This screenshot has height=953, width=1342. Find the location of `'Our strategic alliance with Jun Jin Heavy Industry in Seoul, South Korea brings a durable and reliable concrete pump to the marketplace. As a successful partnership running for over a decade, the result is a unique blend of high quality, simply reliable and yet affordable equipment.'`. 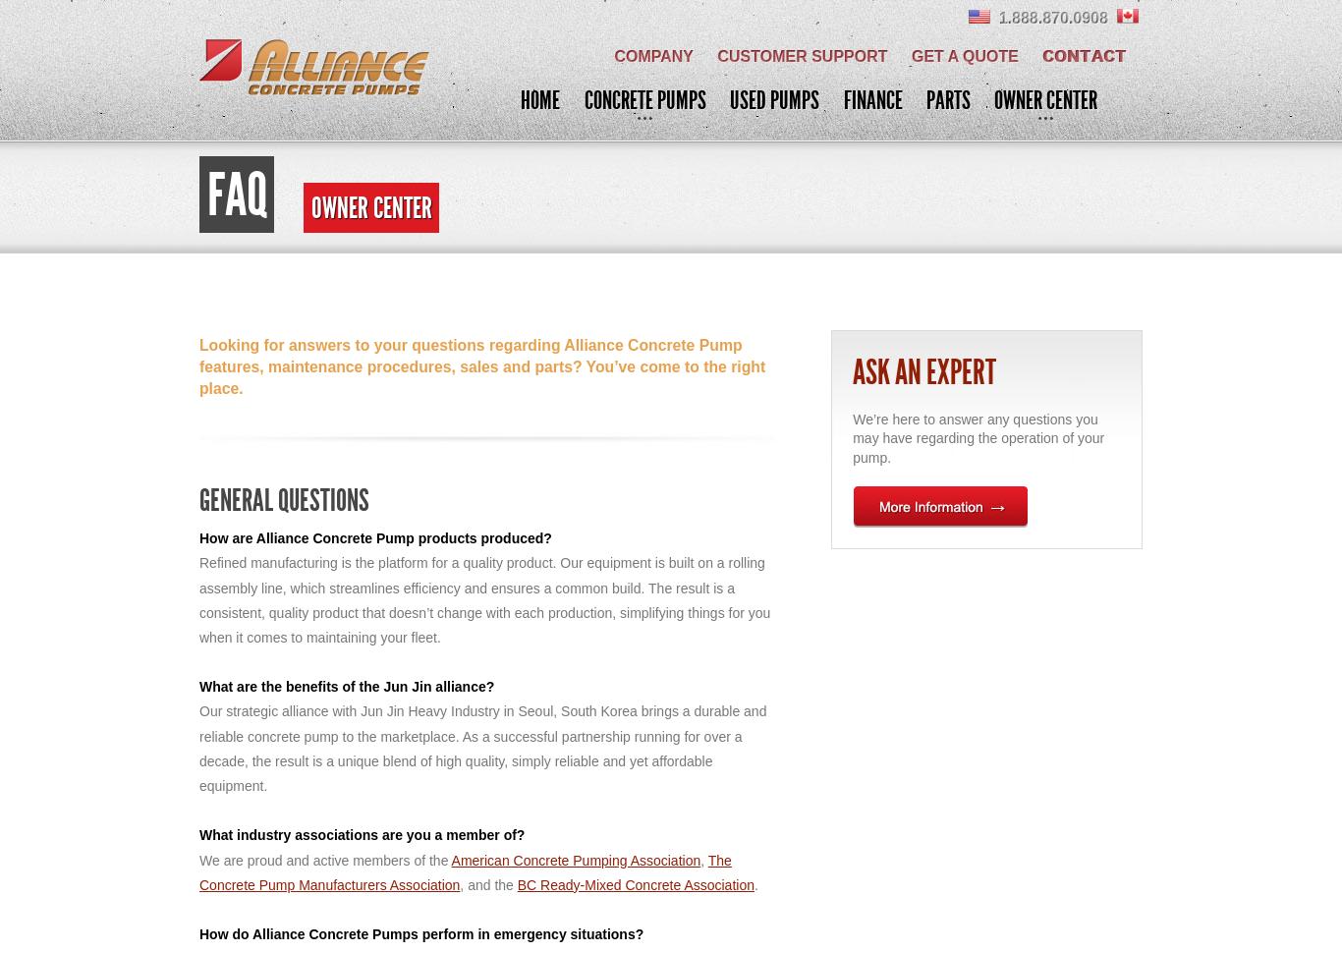

'Our strategic alliance with Jun Jin Heavy Industry in Seoul, South Korea brings a durable and reliable concrete pump to the marketplace. As a successful partnership running for over a decade, the result is a unique blend of high quality, simply reliable and yet affordable equipment.' is located at coordinates (197, 748).